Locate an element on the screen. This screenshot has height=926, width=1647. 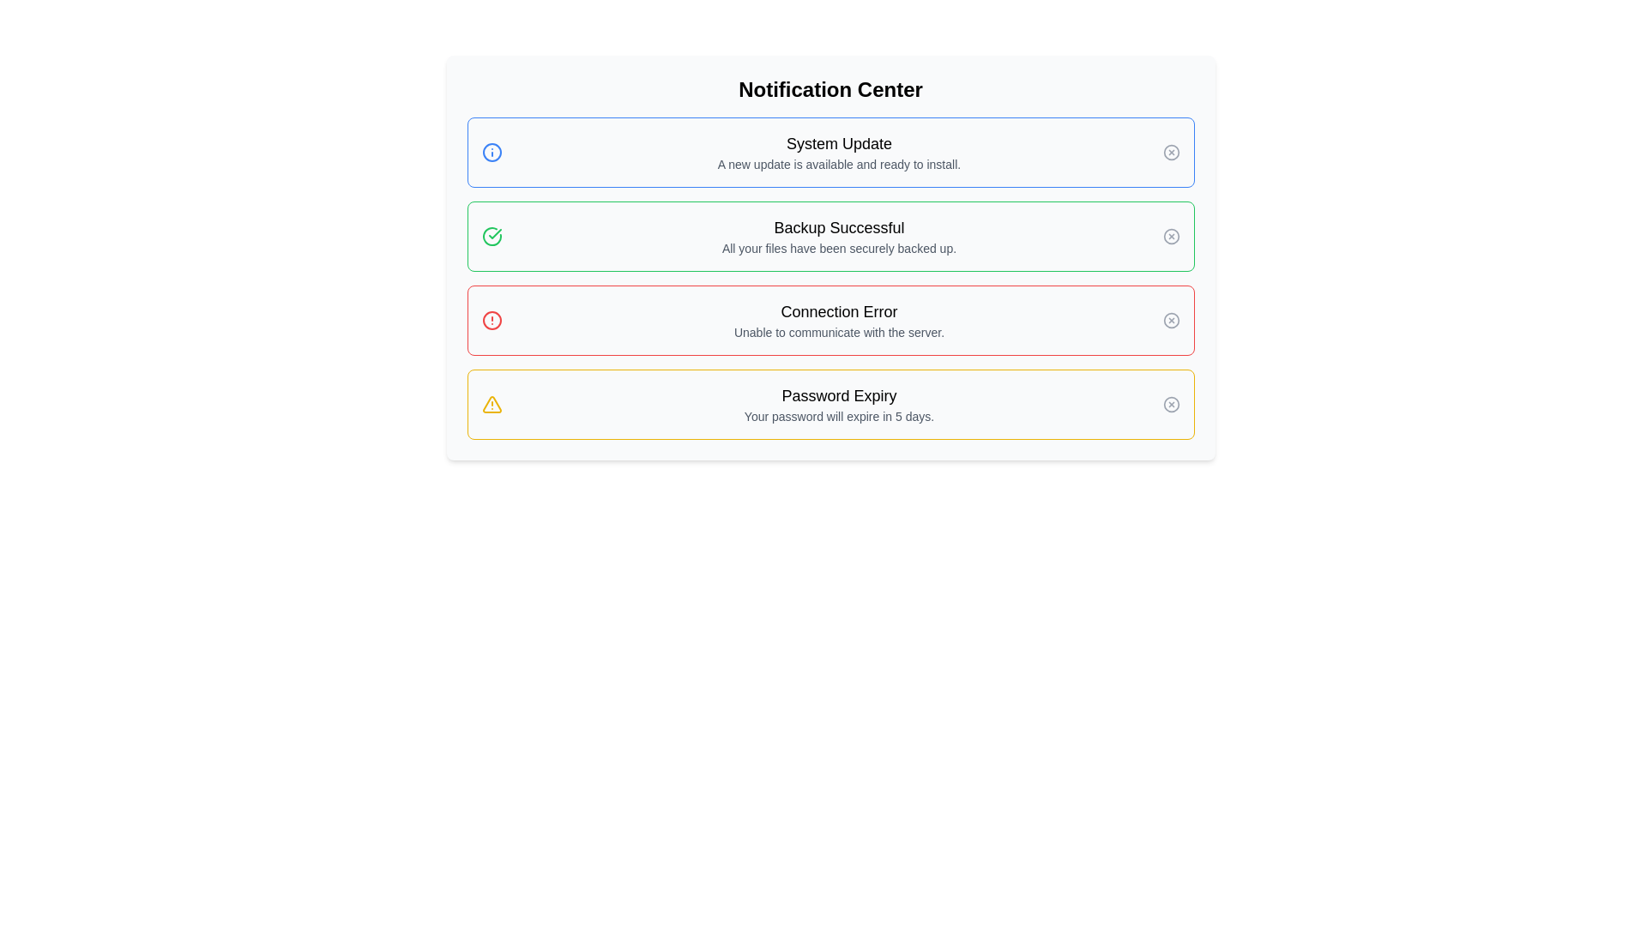
message displayed in the second line of the 'Password Expiry' notification section at the bottom of the notification list is located at coordinates (839, 417).